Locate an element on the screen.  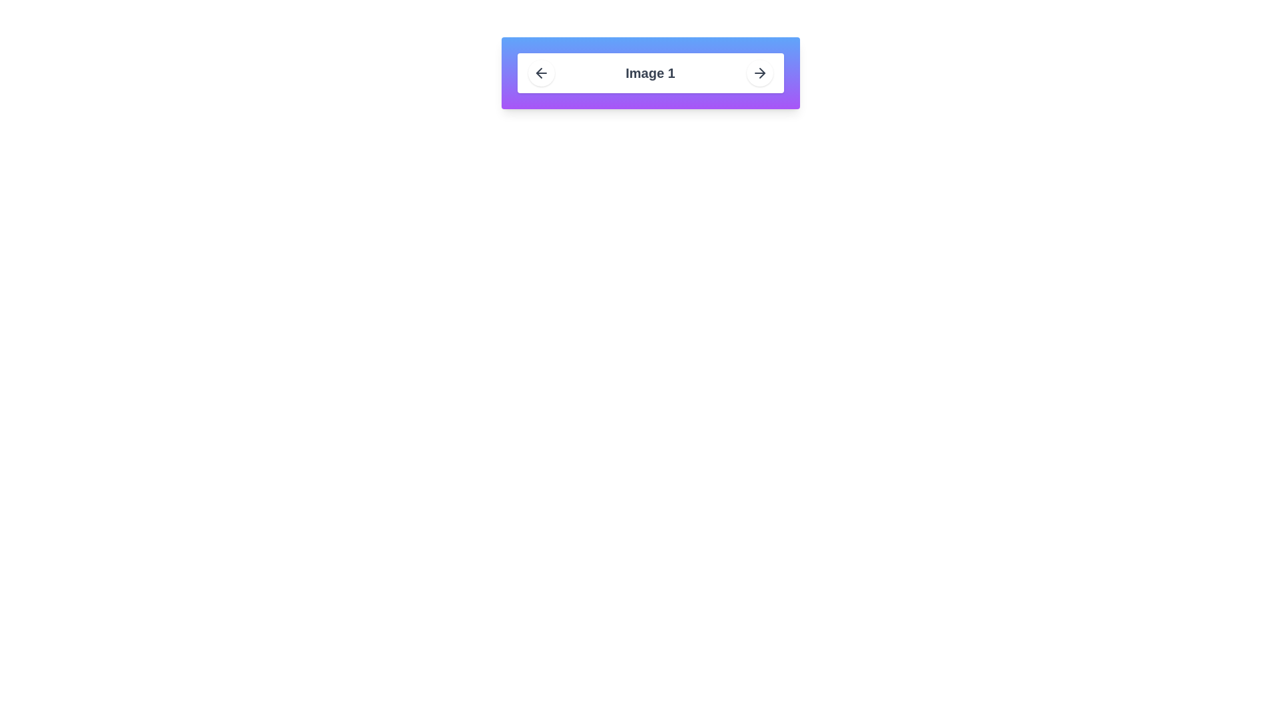
the rightmost IconButton in the horizontal navigation control bar is located at coordinates (759, 73).